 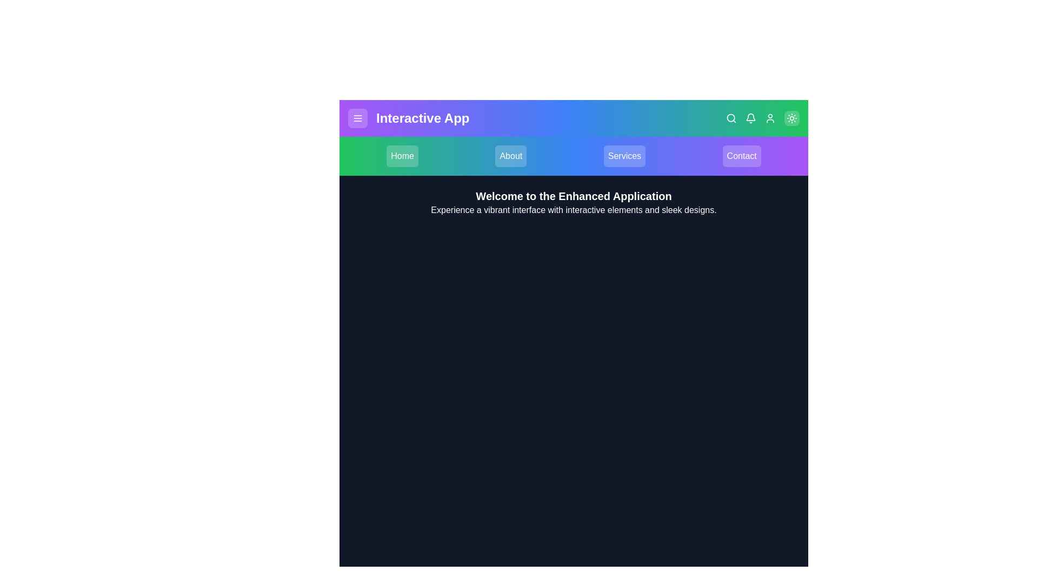 I want to click on the User icon in the top right corner of the app bar, so click(x=770, y=118).